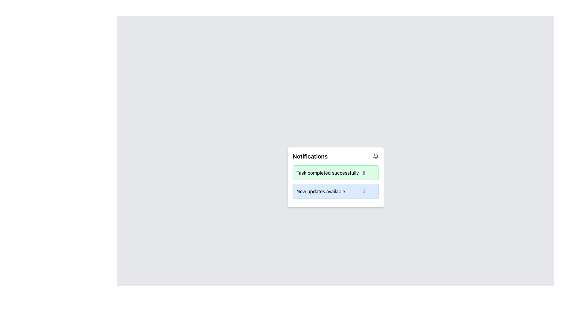 This screenshot has width=575, height=323. I want to click on the notification displayed in the green Notification Box containing the text 'Task completed successfully. ✔', so click(336, 173).